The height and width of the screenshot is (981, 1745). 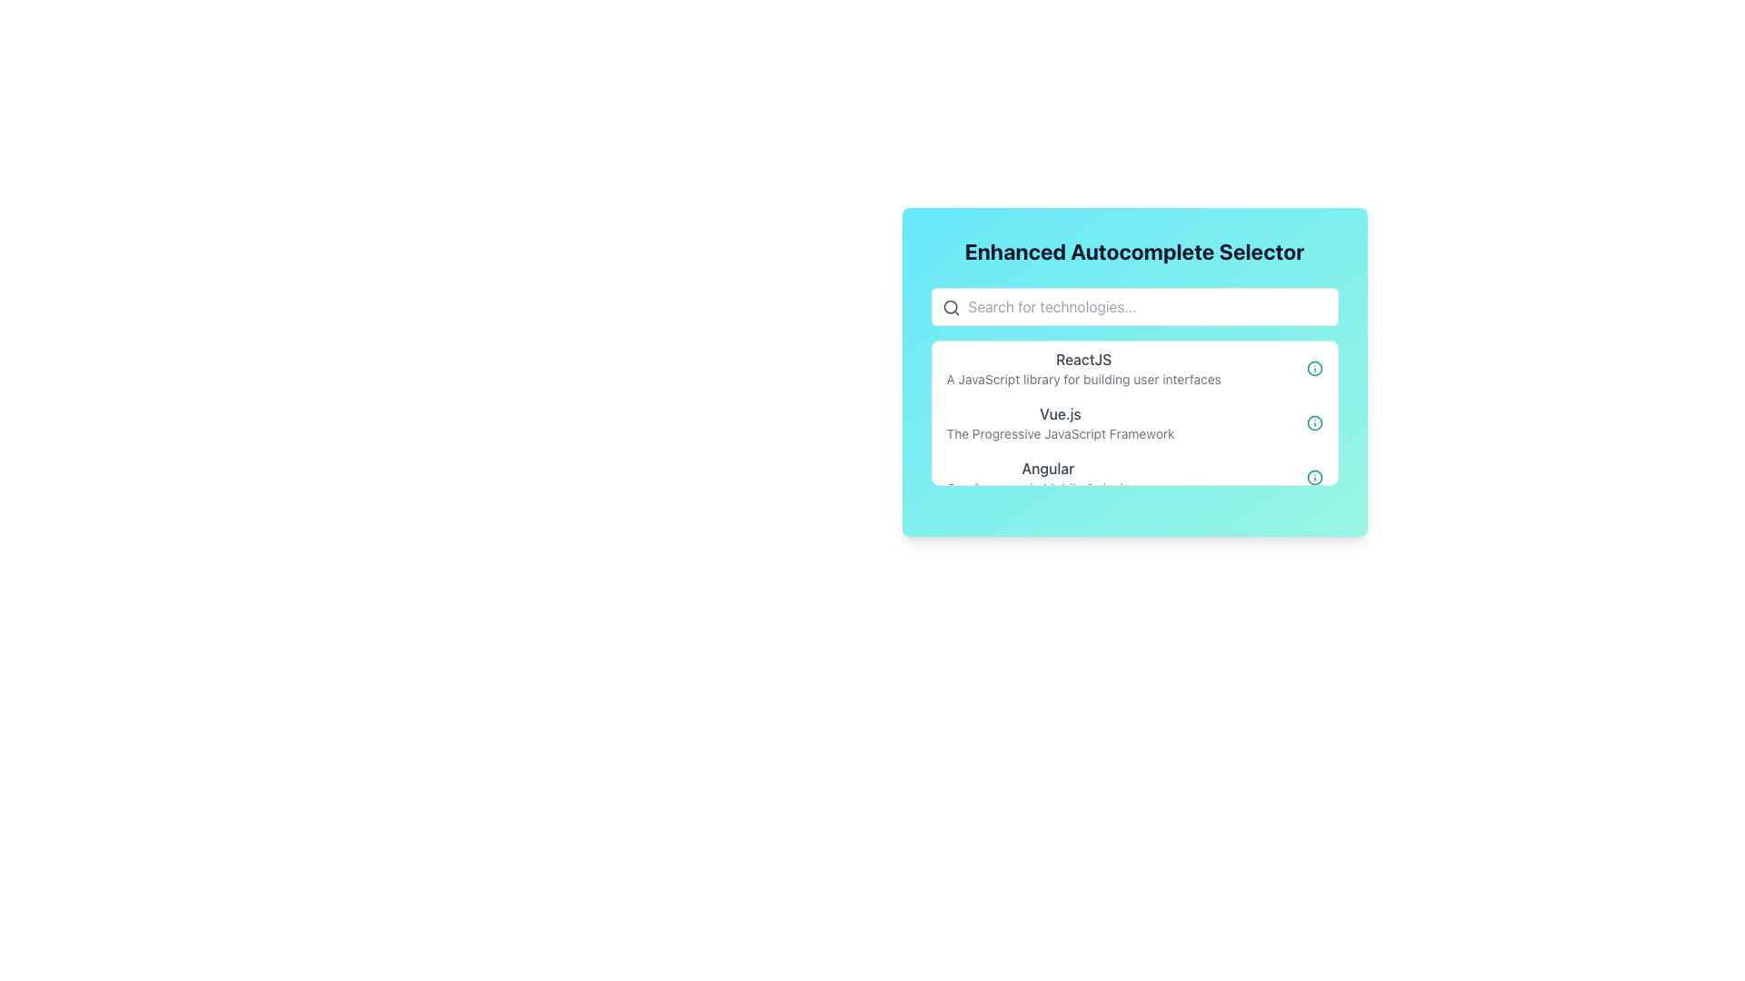 What do you see at coordinates (1083, 368) in the screenshot?
I see `the first item in the dropdown list that provides information about ReactJS technology` at bounding box center [1083, 368].